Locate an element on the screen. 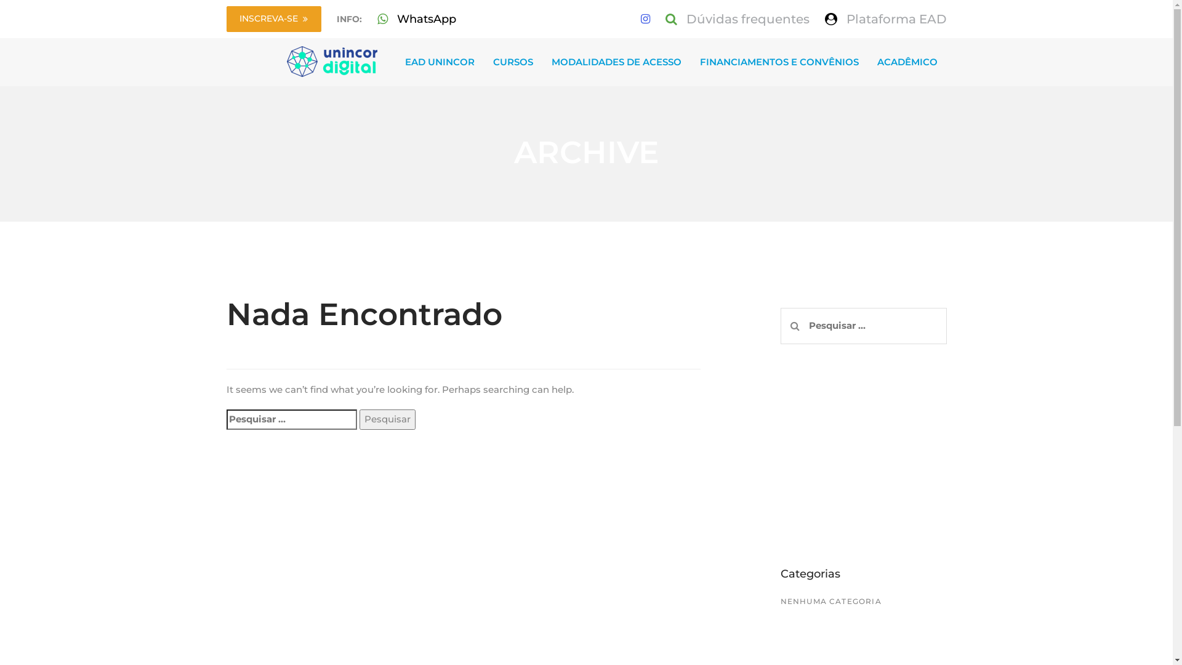 This screenshot has height=665, width=1182. 'INSCREVA-SE' is located at coordinates (273, 18).